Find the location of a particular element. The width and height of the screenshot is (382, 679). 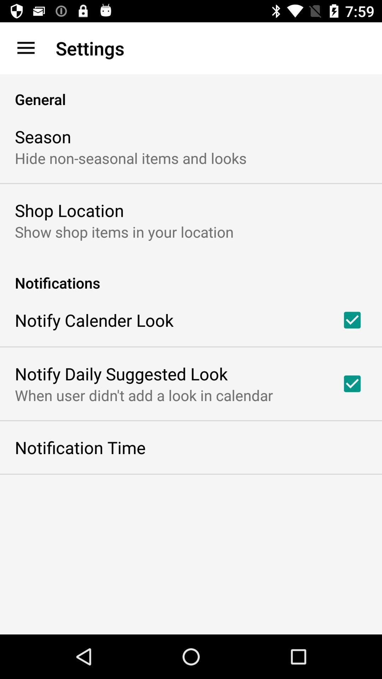

the notifications item is located at coordinates (191, 275).